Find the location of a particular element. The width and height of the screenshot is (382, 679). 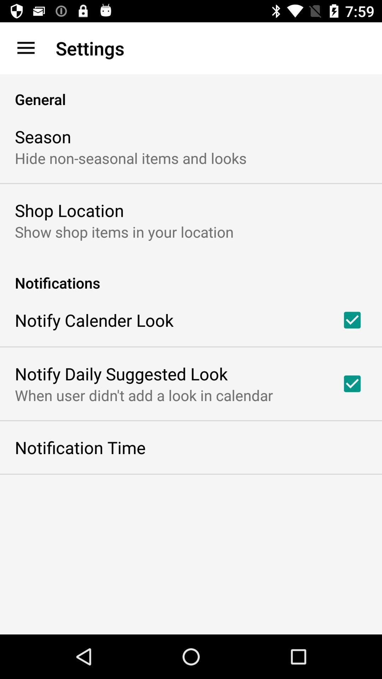

the notifications item is located at coordinates (191, 275).